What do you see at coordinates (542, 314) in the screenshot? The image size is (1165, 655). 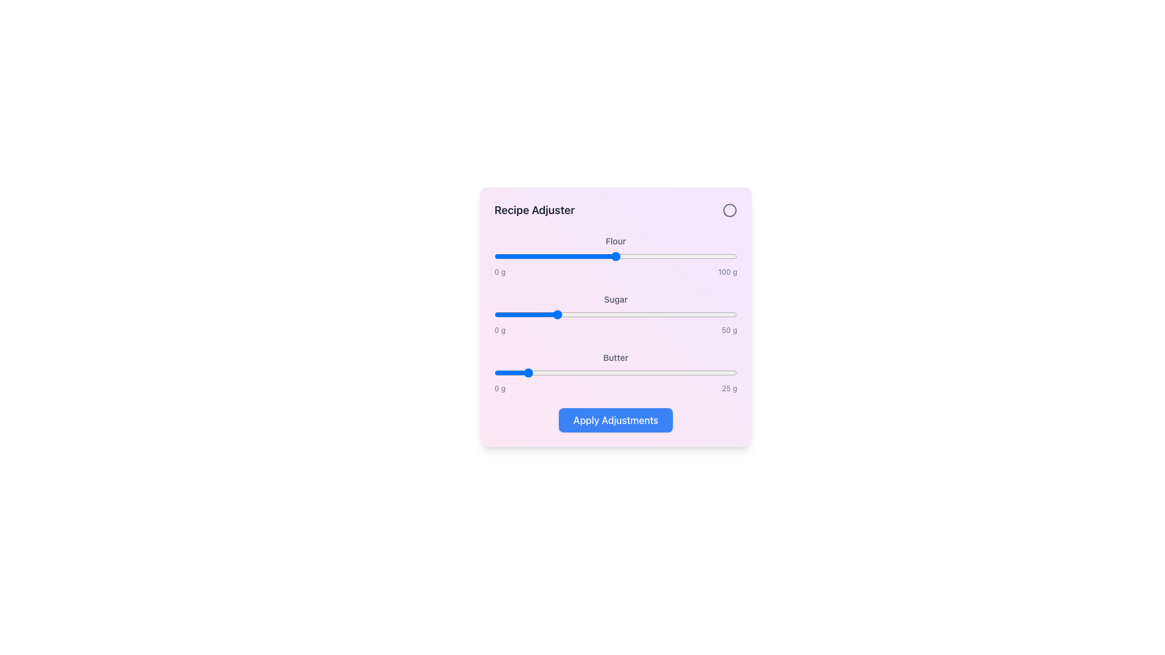 I see `sugar slider` at bounding box center [542, 314].